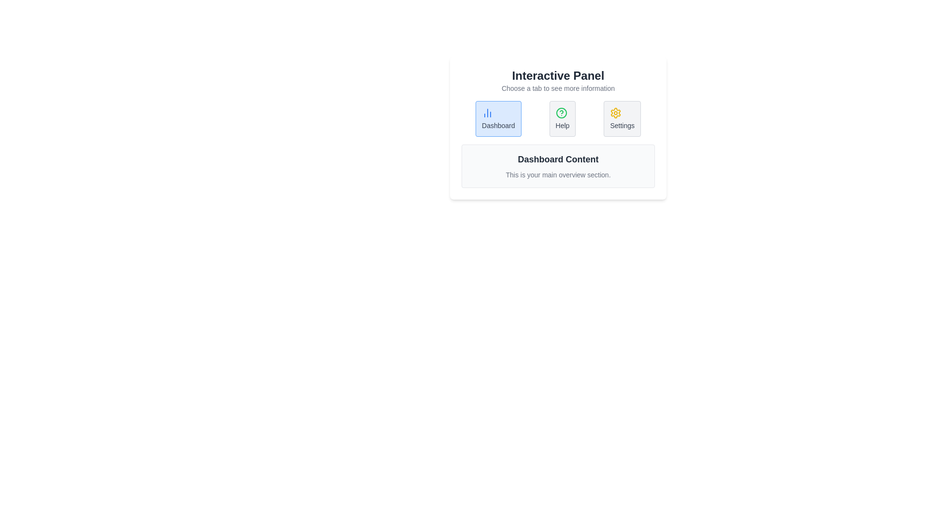 The image size is (928, 522). I want to click on the 'Help' button which contains a circular graphical component styled in green, located within the icon depicting a help symbol, so click(561, 113).